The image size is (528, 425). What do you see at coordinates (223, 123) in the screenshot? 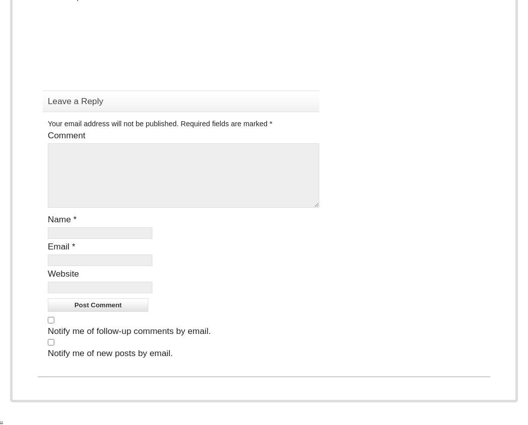
I see `'Required fields are marked'` at bounding box center [223, 123].